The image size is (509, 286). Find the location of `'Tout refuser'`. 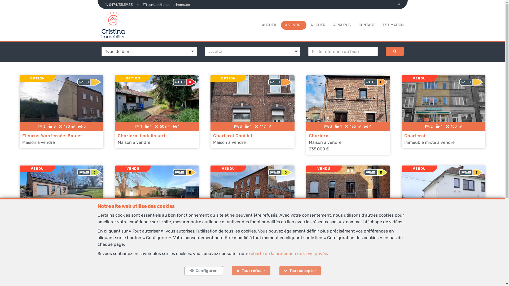

'Tout refuser' is located at coordinates (231, 271).